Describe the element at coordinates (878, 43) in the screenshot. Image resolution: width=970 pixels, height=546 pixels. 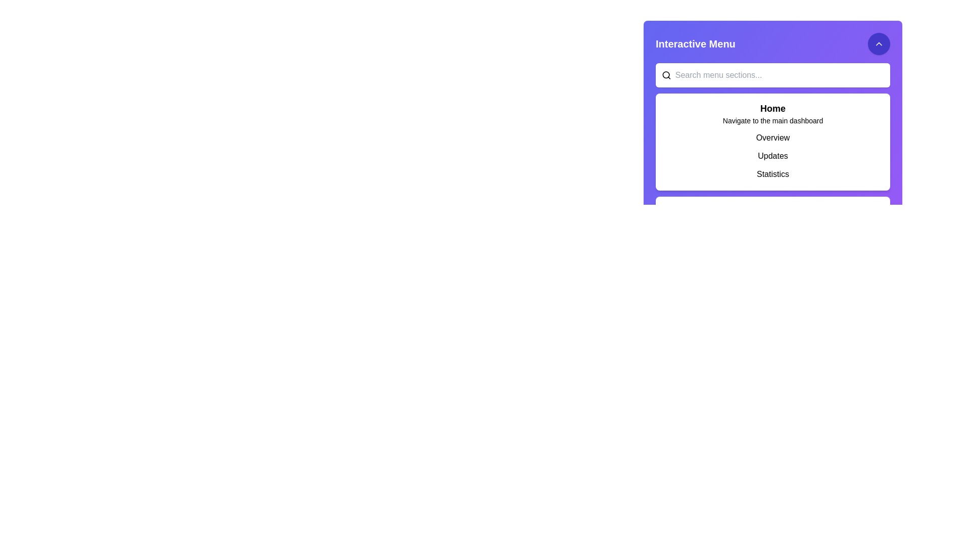
I see `the arrow icon located in the upper-right corner of the rounded purple button` at that location.